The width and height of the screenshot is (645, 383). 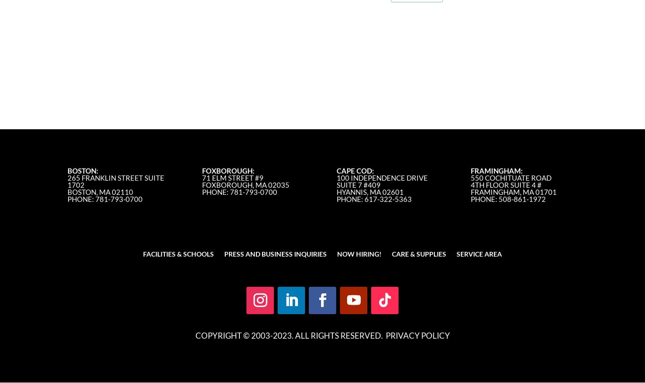 I want to click on '617-322-5363', so click(x=387, y=198).